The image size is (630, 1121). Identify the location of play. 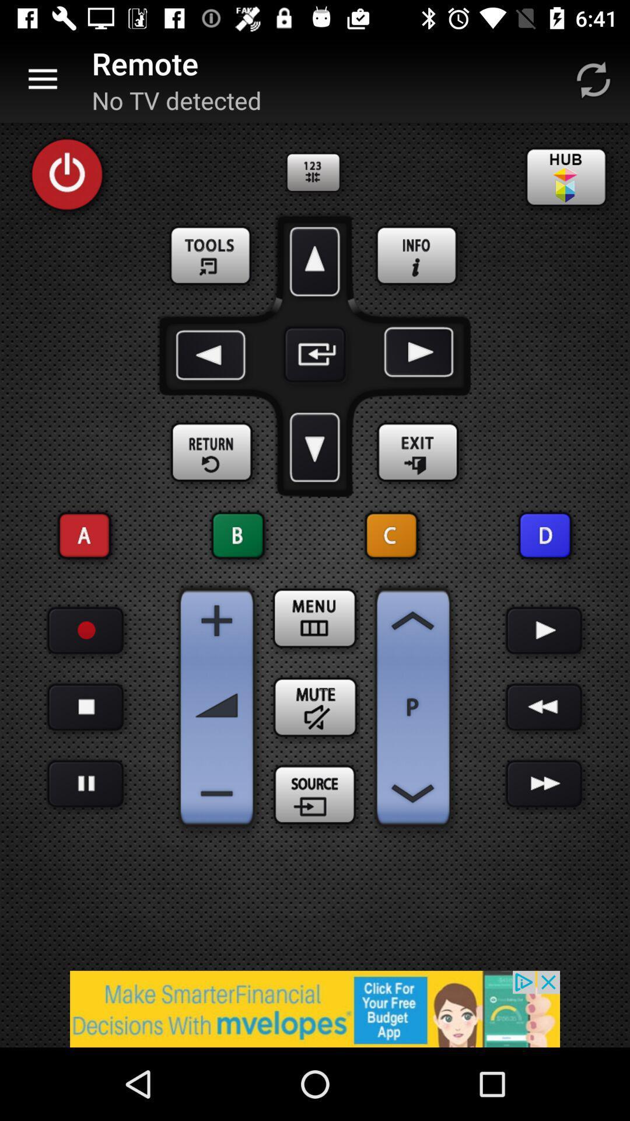
(544, 630).